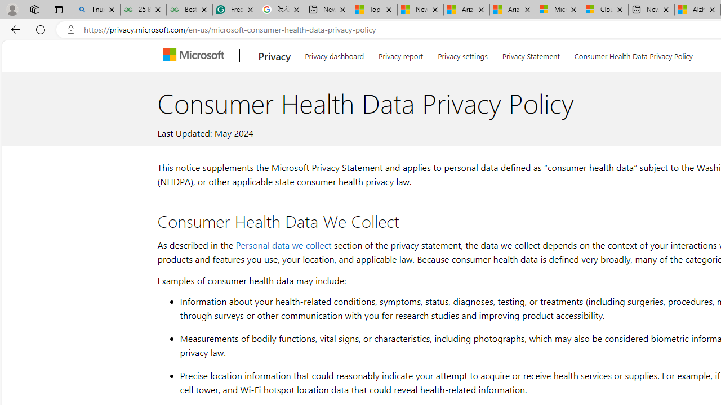 This screenshot has width=721, height=405. I want to click on 'Free AI Writing Assistance for Students | Grammarly', so click(235, 10).